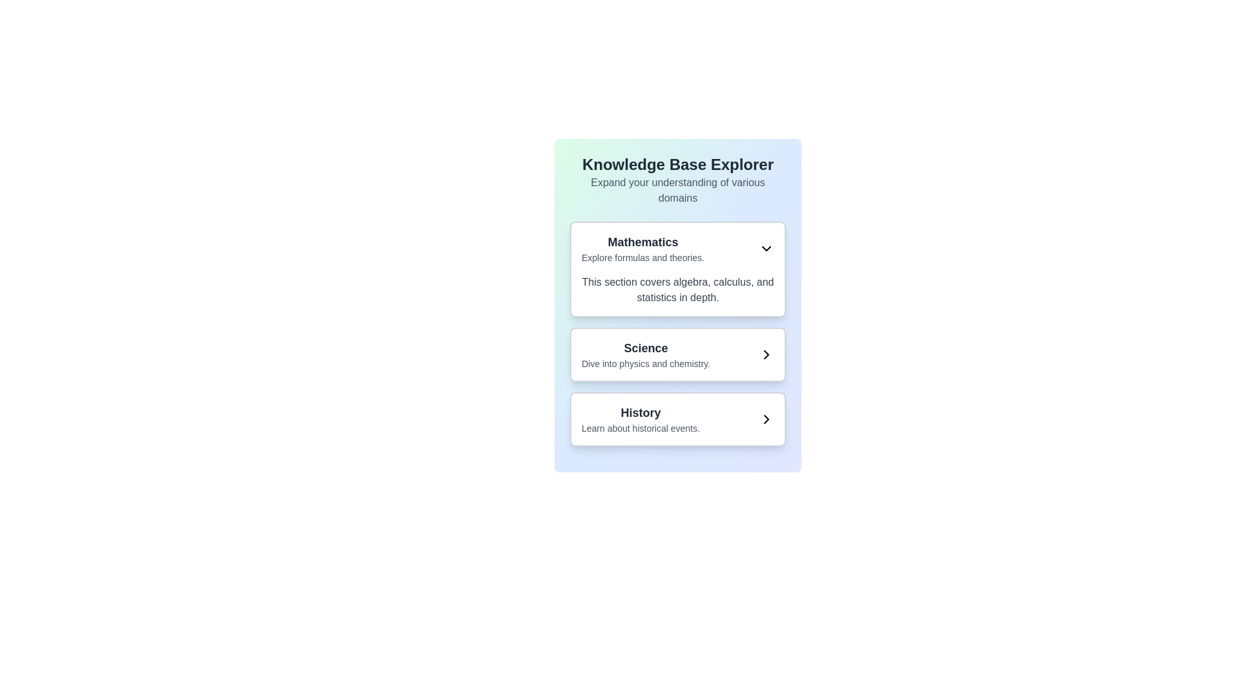  I want to click on the Chevron Right SVG icon located on the right side of the 'History' option, so click(766, 419).